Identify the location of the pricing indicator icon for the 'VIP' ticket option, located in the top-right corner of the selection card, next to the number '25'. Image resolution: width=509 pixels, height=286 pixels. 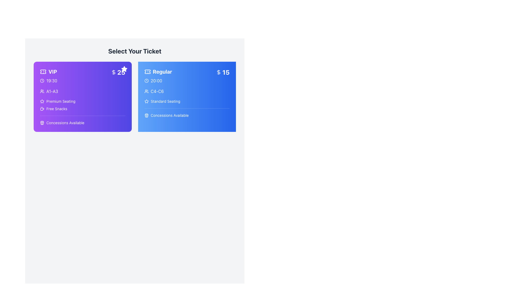
(113, 72).